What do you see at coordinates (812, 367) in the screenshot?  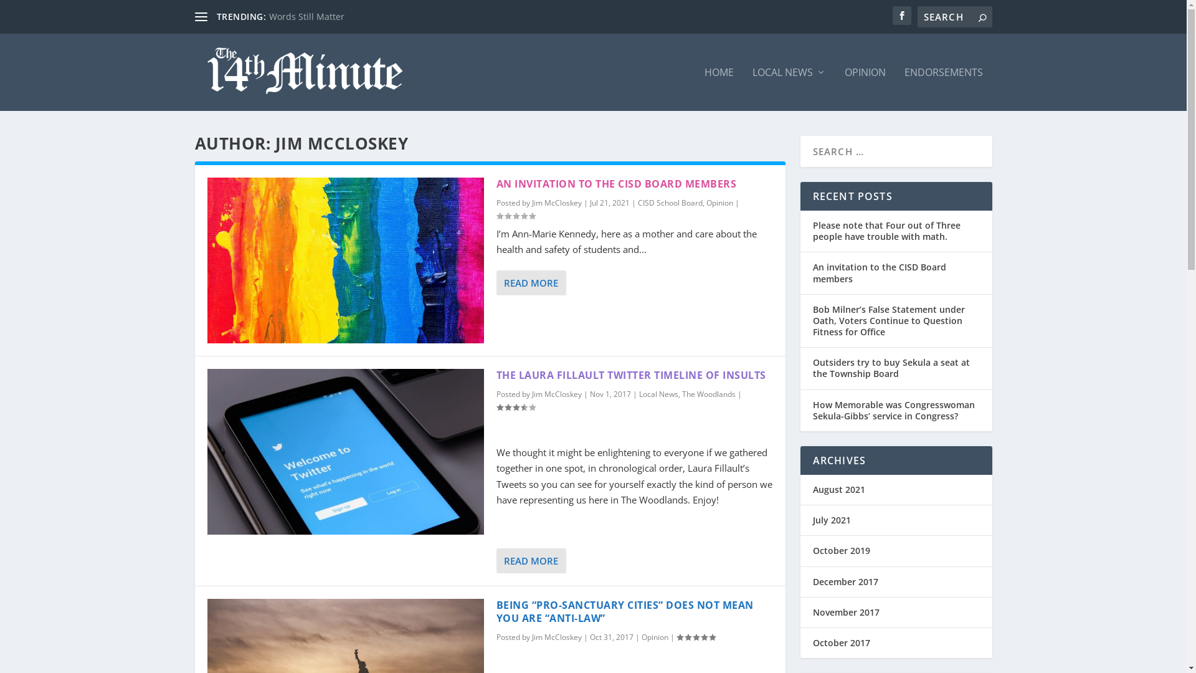 I see `'Outsiders try to buy Sekula a seat at the Township Board'` at bounding box center [812, 367].